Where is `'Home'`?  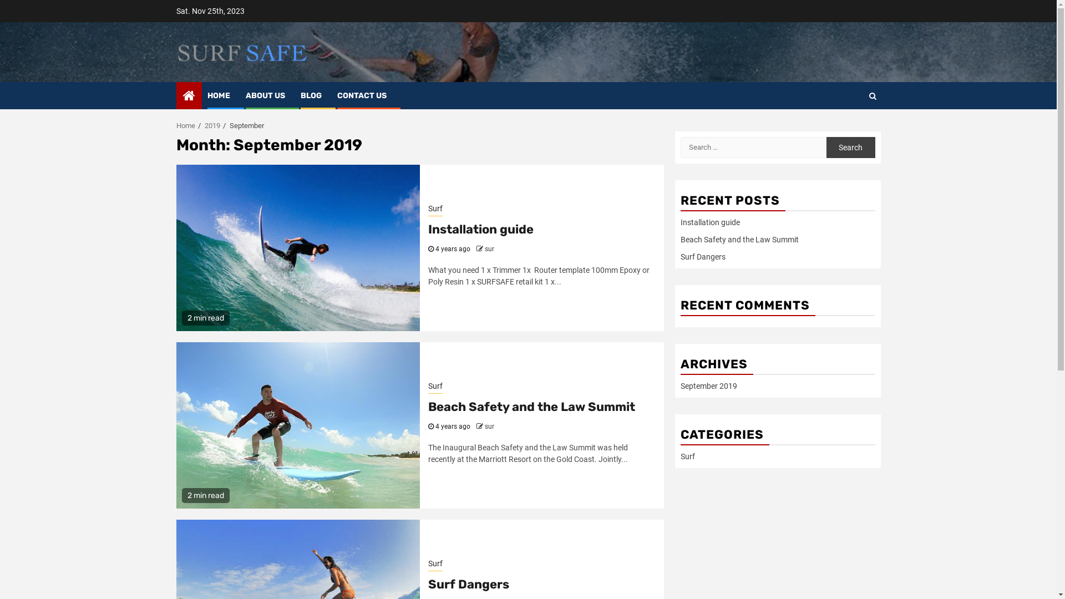 'Home' is located at coordinates (186, 125).